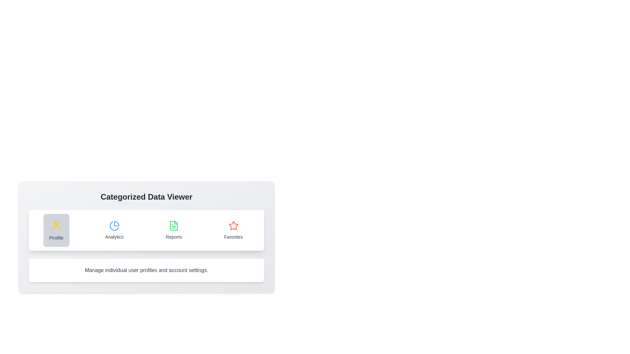 This screenshot has width=630, height=354. Describe the element at coordinates (56, 230) in the screenshot. I see `the tab labeled Profile to switch to its content` at that location.